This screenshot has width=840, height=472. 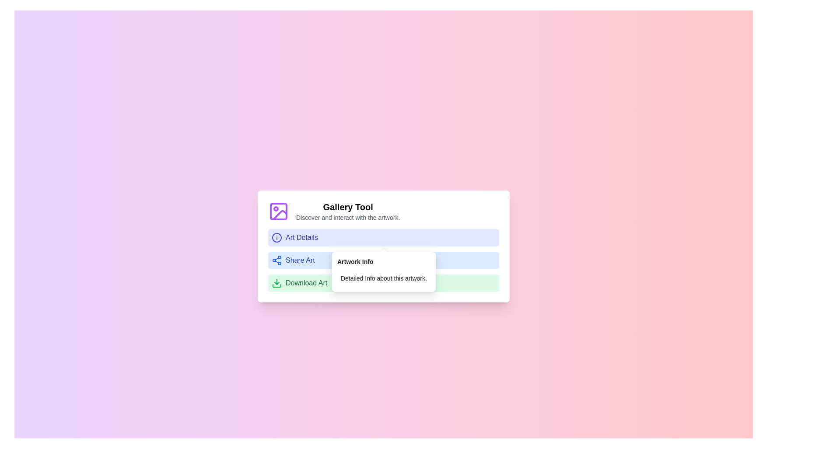 I want to click on the Text Label that provides a brief description of the 'Gallery Tool' section, located below the section title, so click(x=347, y=217).